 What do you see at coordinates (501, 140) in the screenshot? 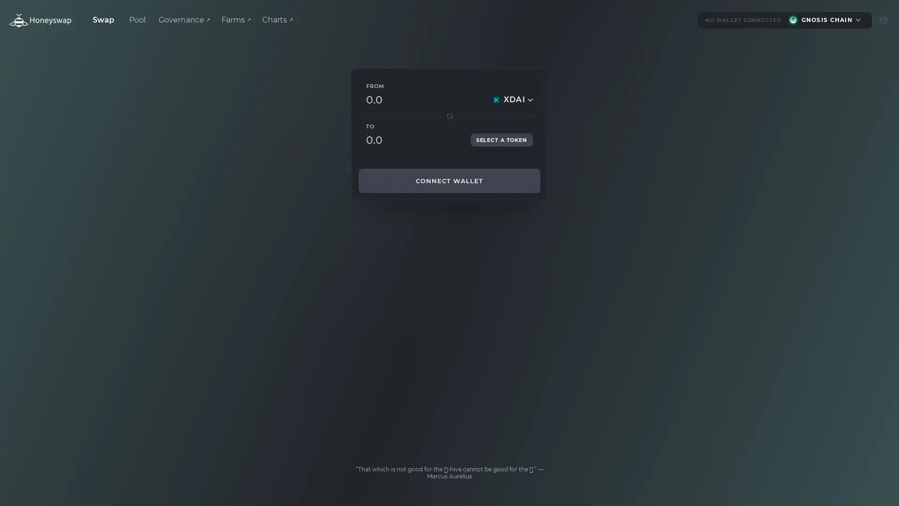
I see `SELECT A TOKEN` at bounding box center [501, 140].